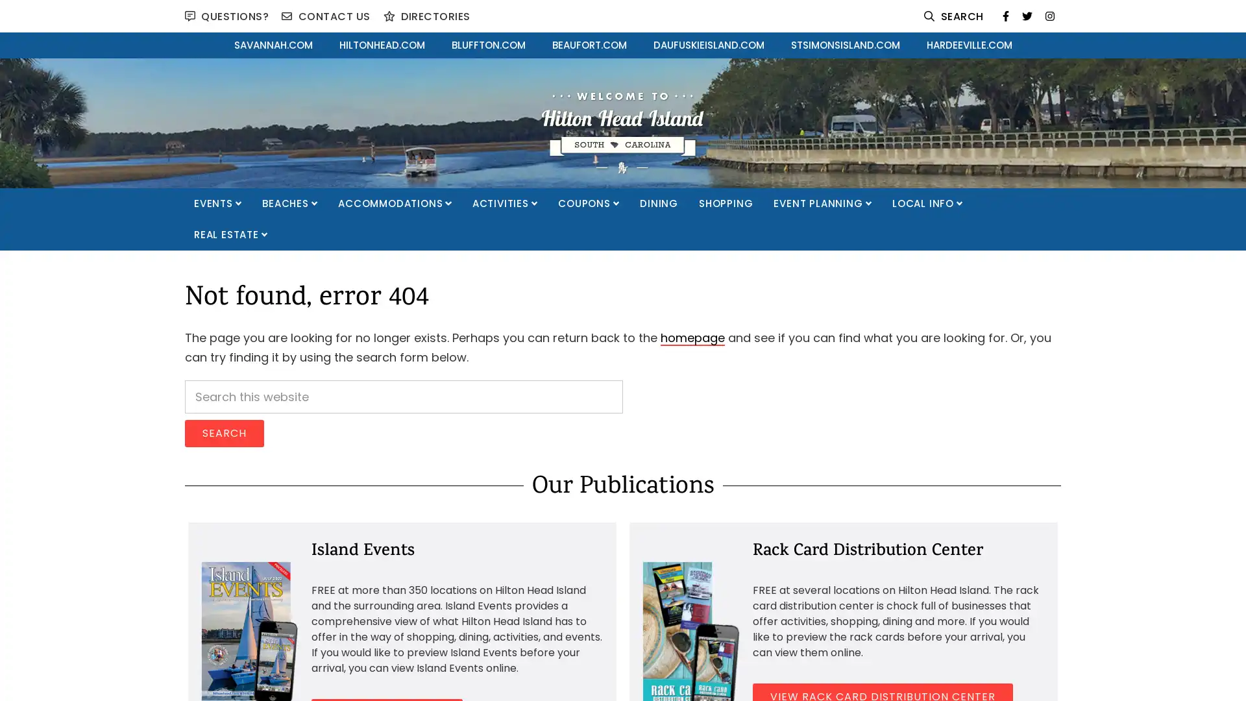  What do you see at coordinates (224, 434) in the screenshot?
I see `Search` at bounding box center [224, 434].